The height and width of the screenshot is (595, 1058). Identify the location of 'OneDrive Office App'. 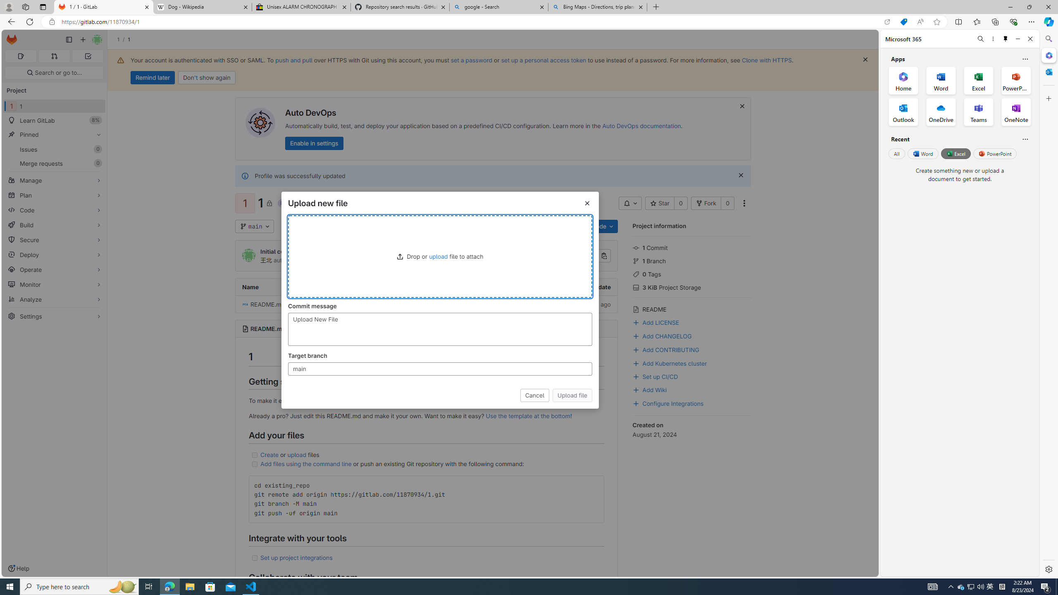
(941, 112).